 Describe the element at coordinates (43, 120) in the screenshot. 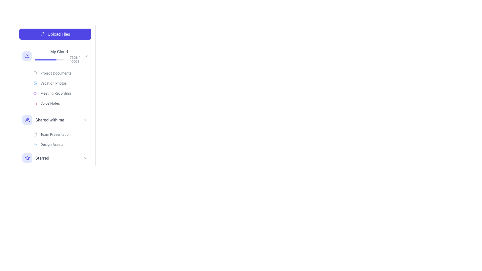

I see `the 'Shared with me' navigation menu item, which features a group icon with a blue circle background and clear text, located in the left sidebar below 'My Cloud'` at that location.